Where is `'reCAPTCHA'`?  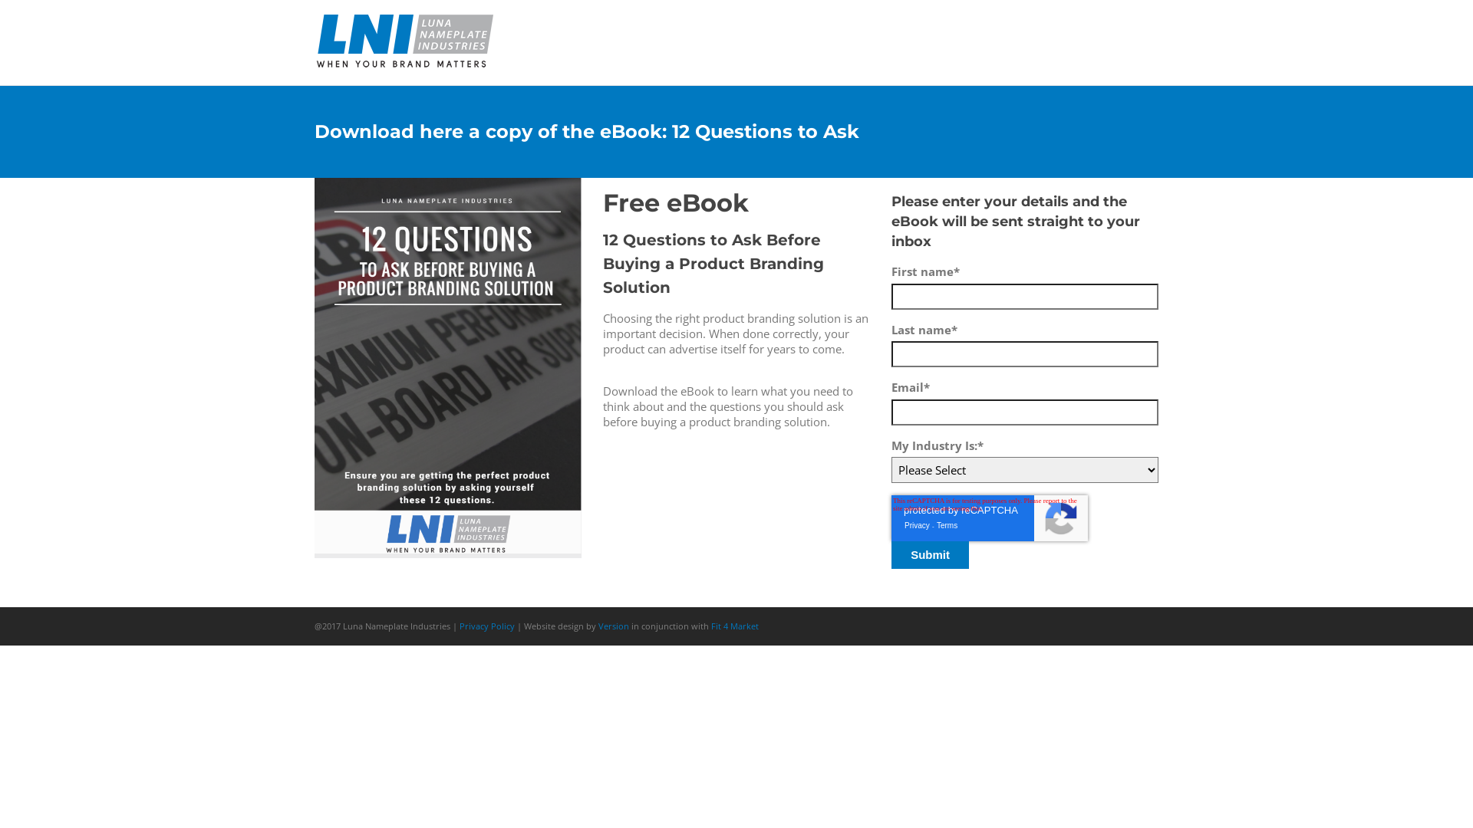
'reCAPTCHA' is located at coordinates (990, 517).